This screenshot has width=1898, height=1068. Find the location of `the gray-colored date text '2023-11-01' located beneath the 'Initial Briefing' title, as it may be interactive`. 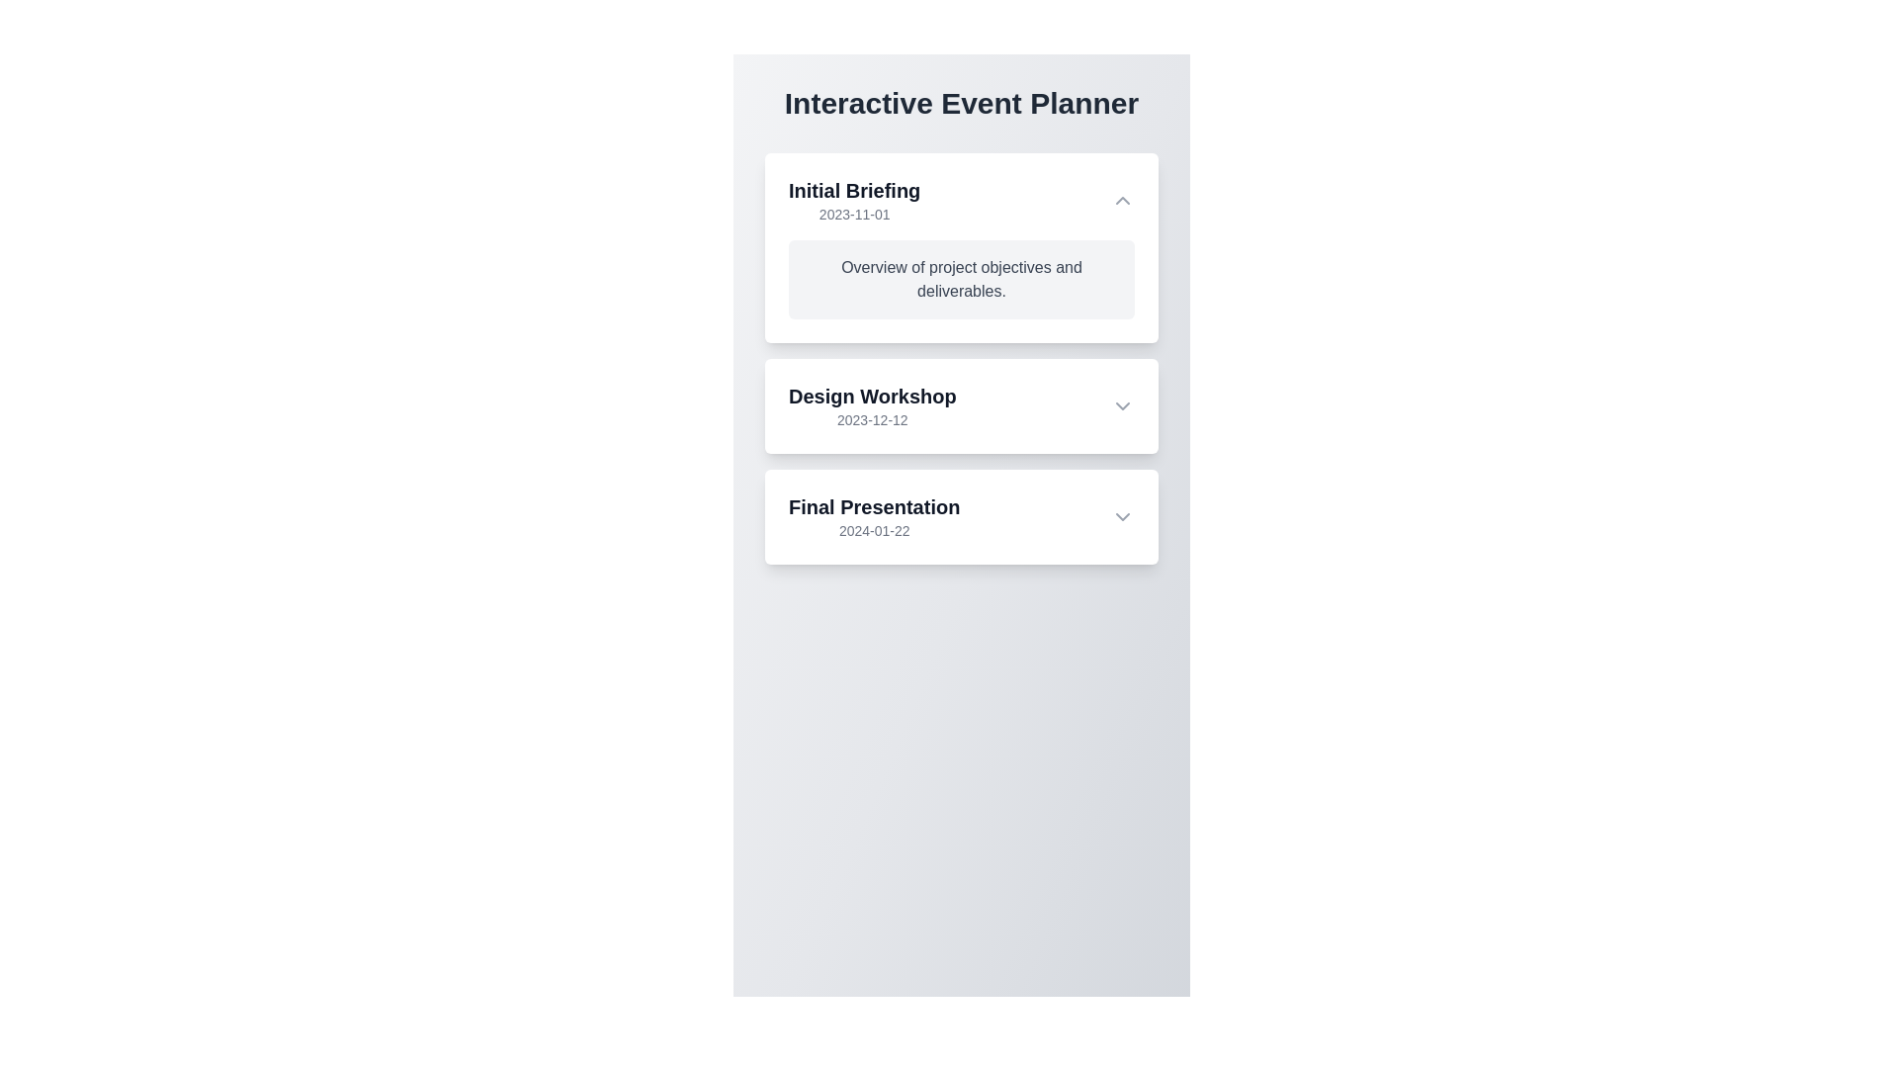

the gray-colored date text '2023-11-01' located beneath the 'Initial Briefing' title, as it may be interactive is located at coordinates (854, 214).